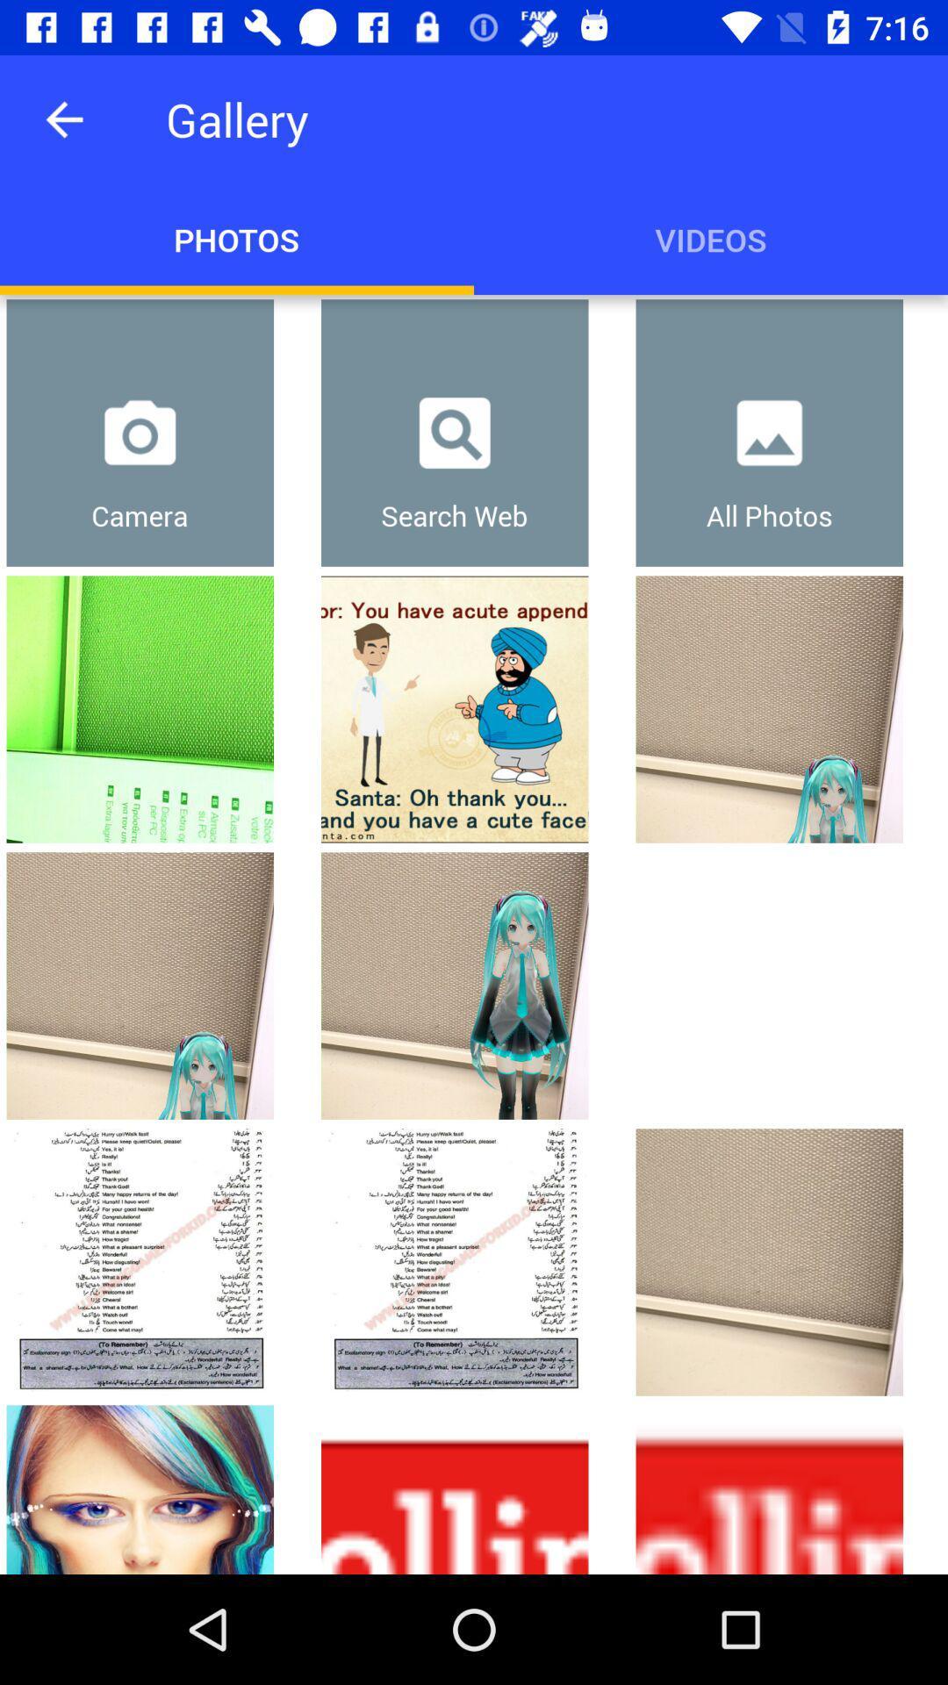 This screenshot has width=948, height=1685. What do you see at coordinates (768, 433) in the screenshot?
I see `right of search web` at bounding box center [768, 433].